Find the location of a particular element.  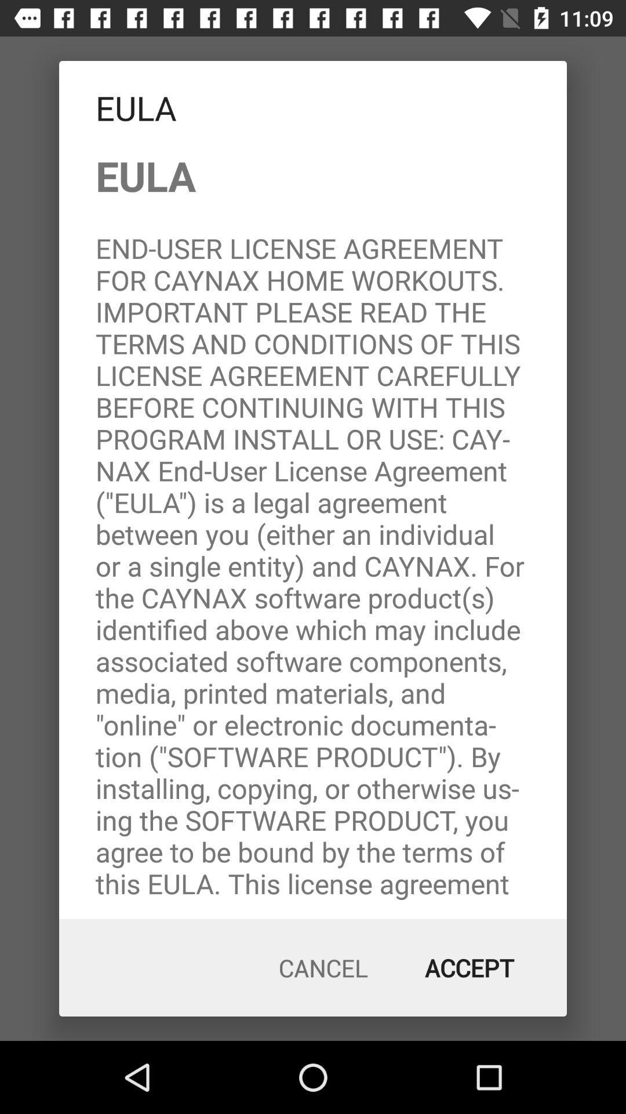

cancel is located at coordinates (323, 968).